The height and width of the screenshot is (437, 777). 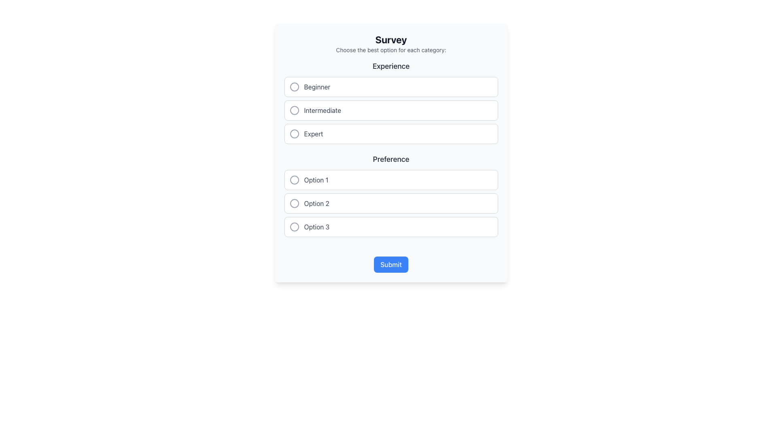 What do you see at coordinates (294, 227) in the screenshot?
I see `the circular radio button representing 'Option 3' in the 'Preference' section of the form by clicking on it` at bounding box center [294, 227].